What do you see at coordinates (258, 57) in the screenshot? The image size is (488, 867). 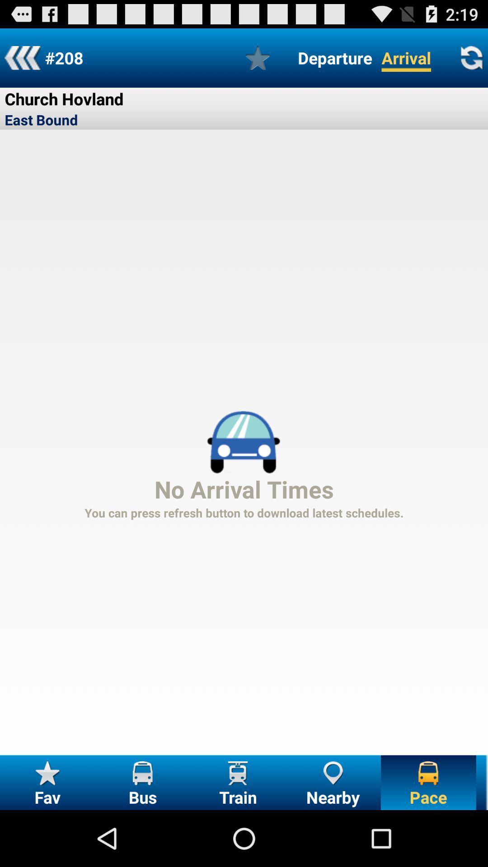 I see `the flight` at bounding box center [258, 57].